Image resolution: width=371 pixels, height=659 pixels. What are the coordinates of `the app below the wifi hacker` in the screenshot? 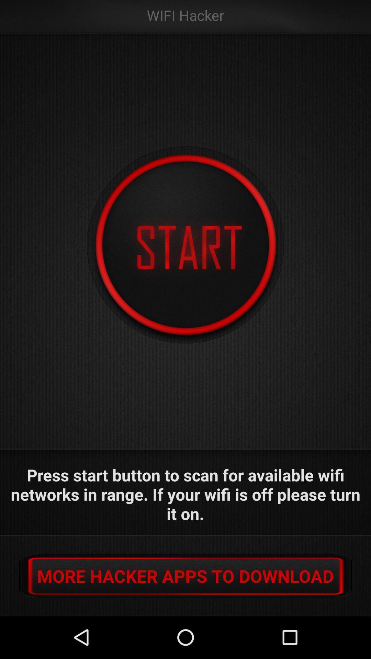 It's located at (185, 245).